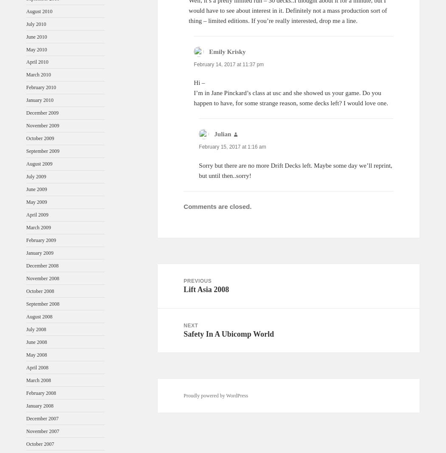  I want to click on 'Hi –', so click(199, 83).